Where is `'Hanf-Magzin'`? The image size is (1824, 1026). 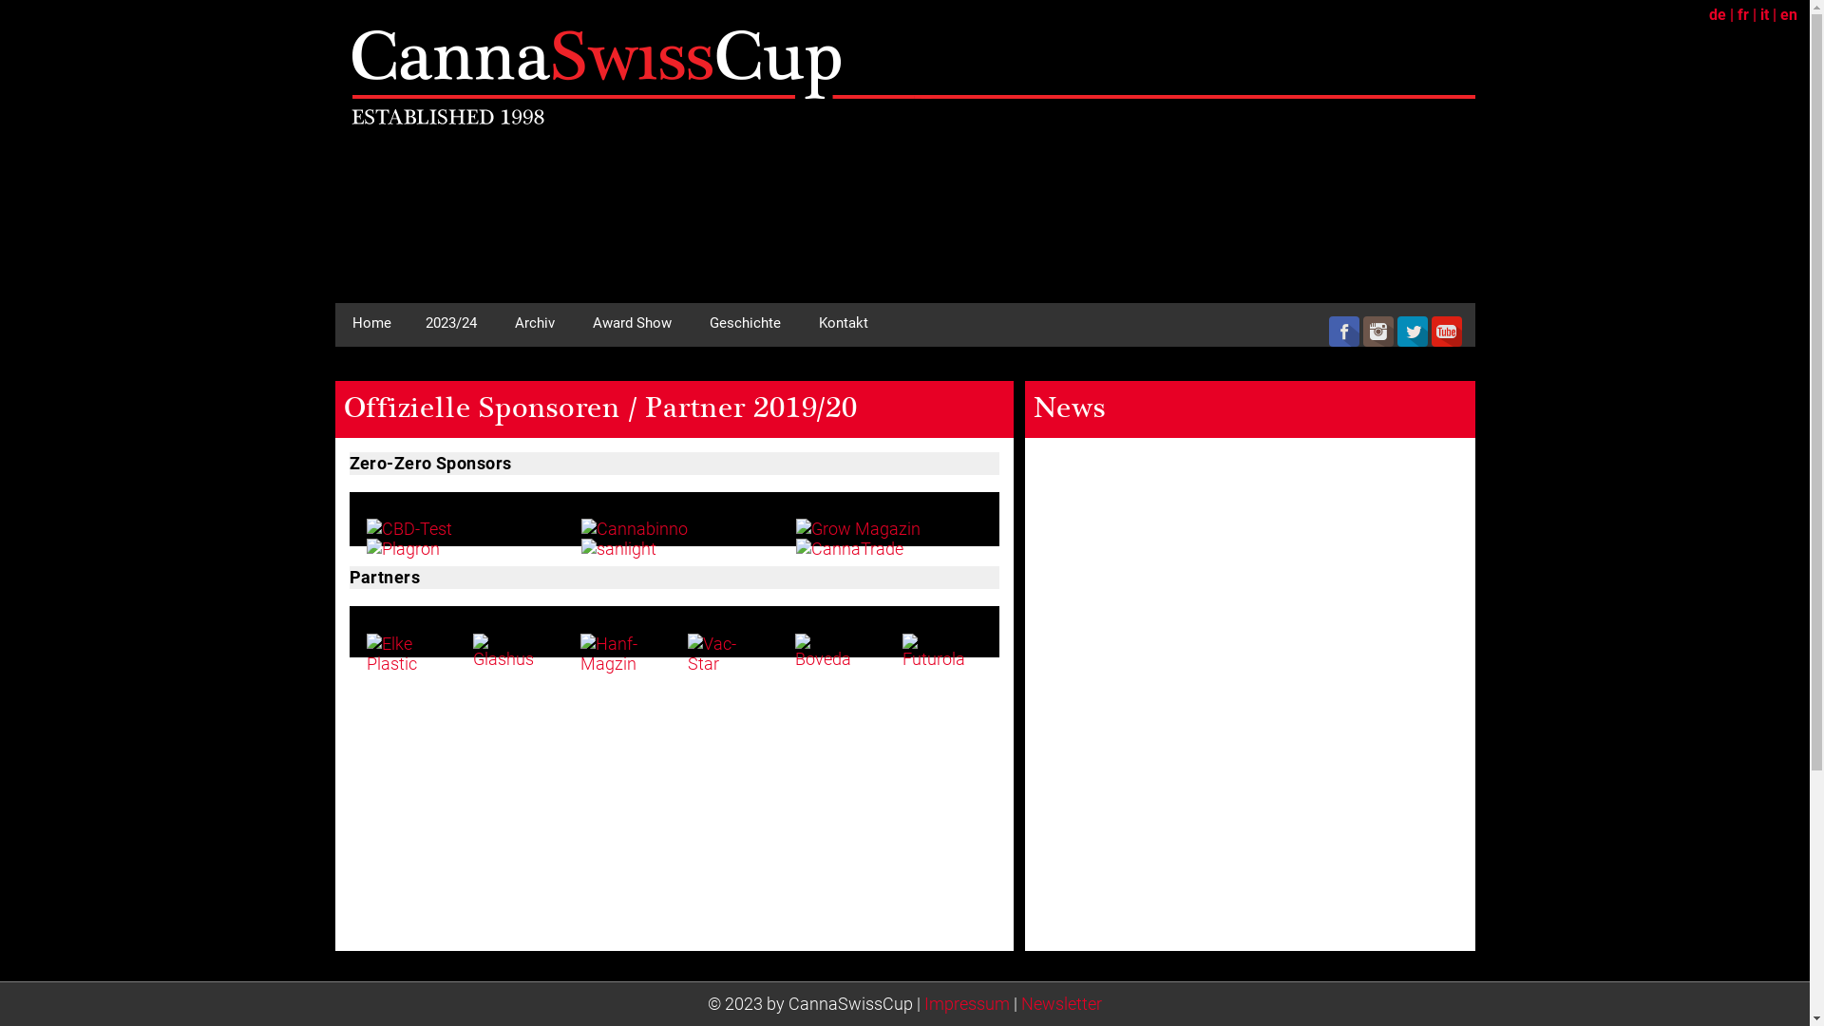 'Hanf-Magzin' is located at coordinates (615, 652).